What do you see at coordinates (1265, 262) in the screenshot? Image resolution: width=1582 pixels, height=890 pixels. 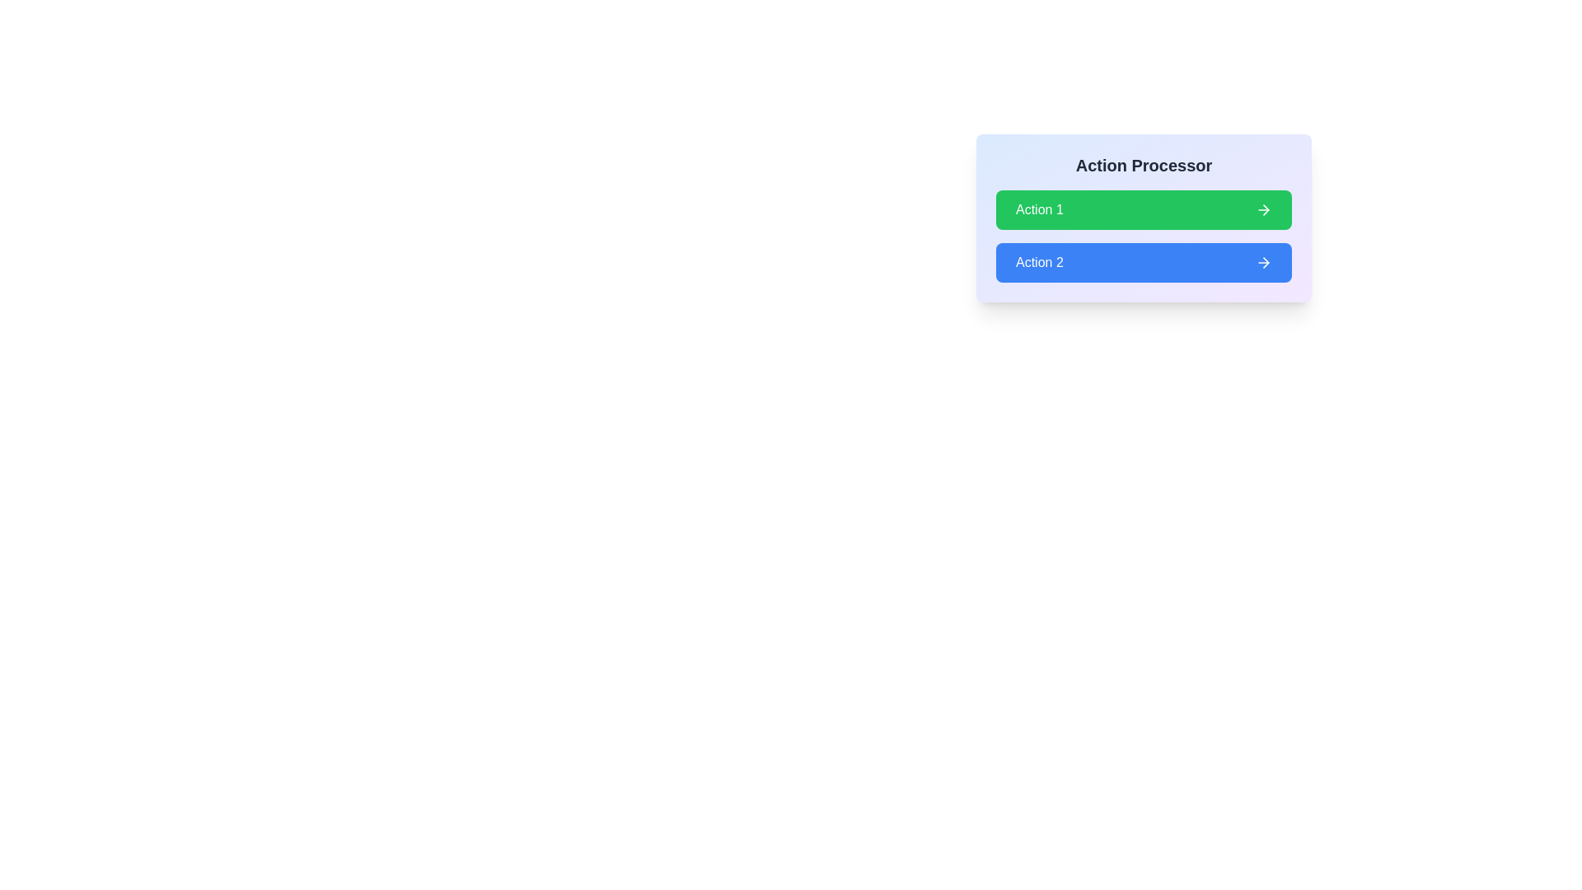 I see `the decorative icon located inside the 'Action 2' button, which signifies a forward action, near the rightmost edge of the button` at bounding box center [1265, 262].